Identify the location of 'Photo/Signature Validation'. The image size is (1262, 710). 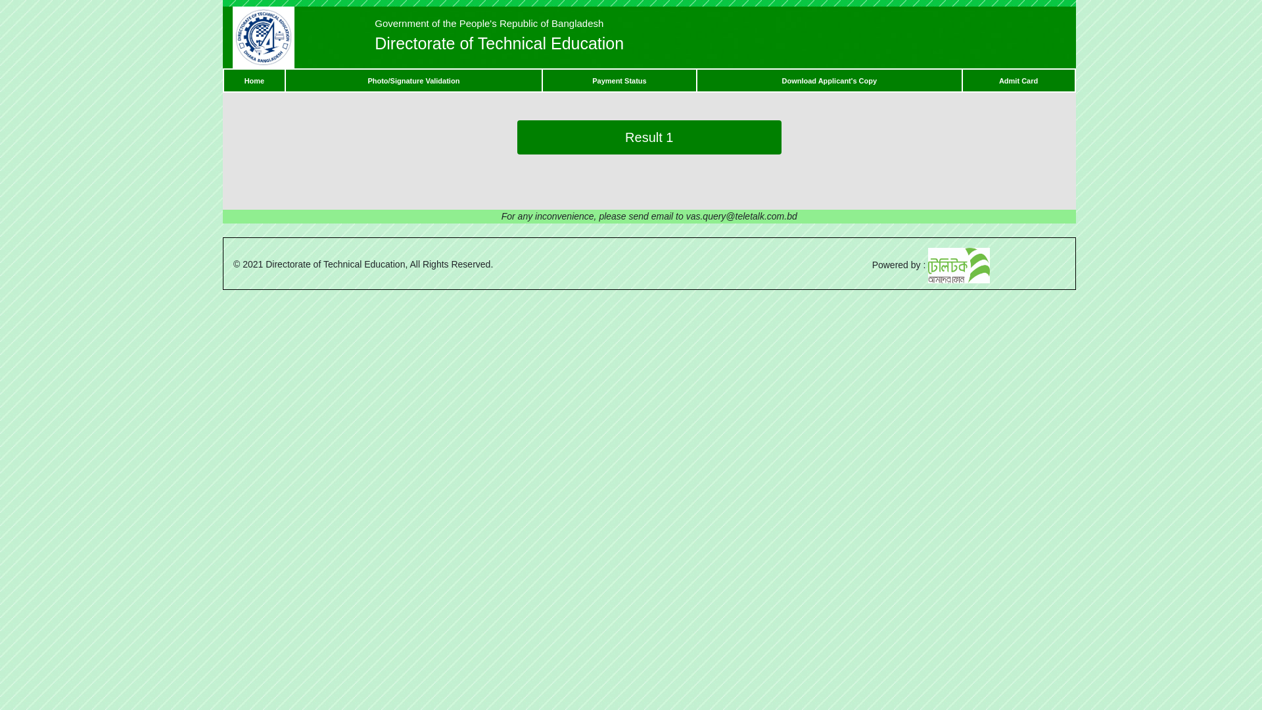
(412, 81).